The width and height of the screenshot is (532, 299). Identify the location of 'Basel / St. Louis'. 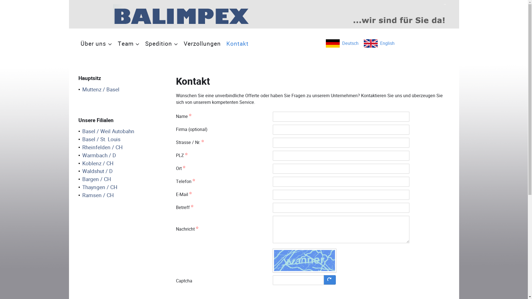
(99, 139).